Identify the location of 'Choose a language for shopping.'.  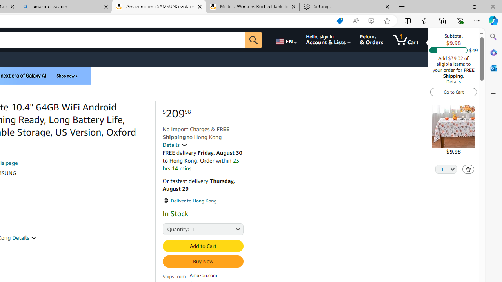
(285, 40).